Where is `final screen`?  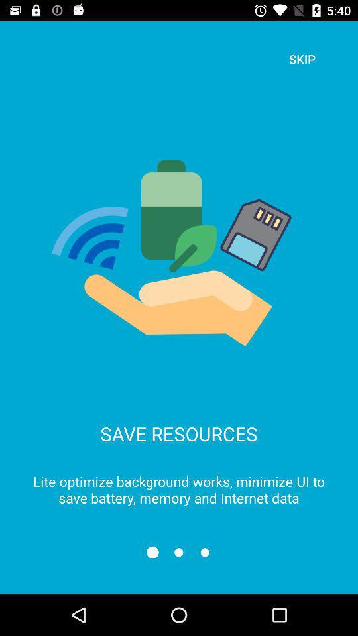
final screen is located at coordinates (205, 552).